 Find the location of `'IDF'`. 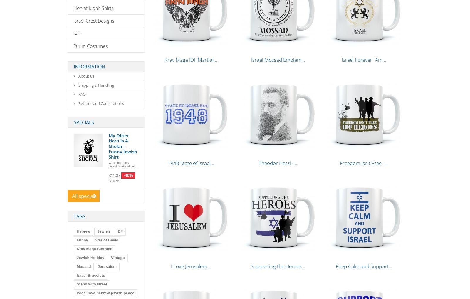

'IDF' is located at coordinates (119, 231).